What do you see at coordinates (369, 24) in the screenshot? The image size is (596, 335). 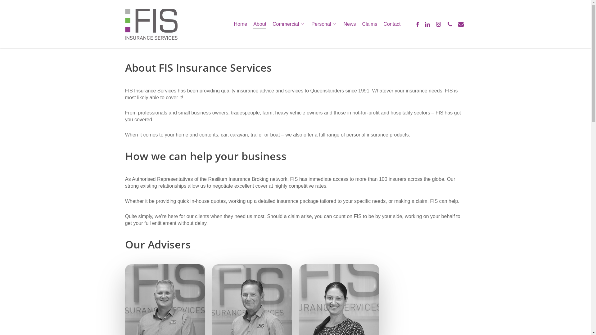 I see `'Claims'` at bounding box center [369, 24].